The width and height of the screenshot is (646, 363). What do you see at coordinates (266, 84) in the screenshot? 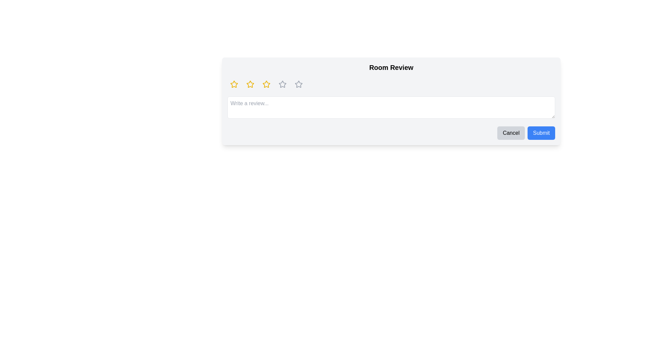
I see `the third star in the five-star rating system` at bounding box center [266, 84].